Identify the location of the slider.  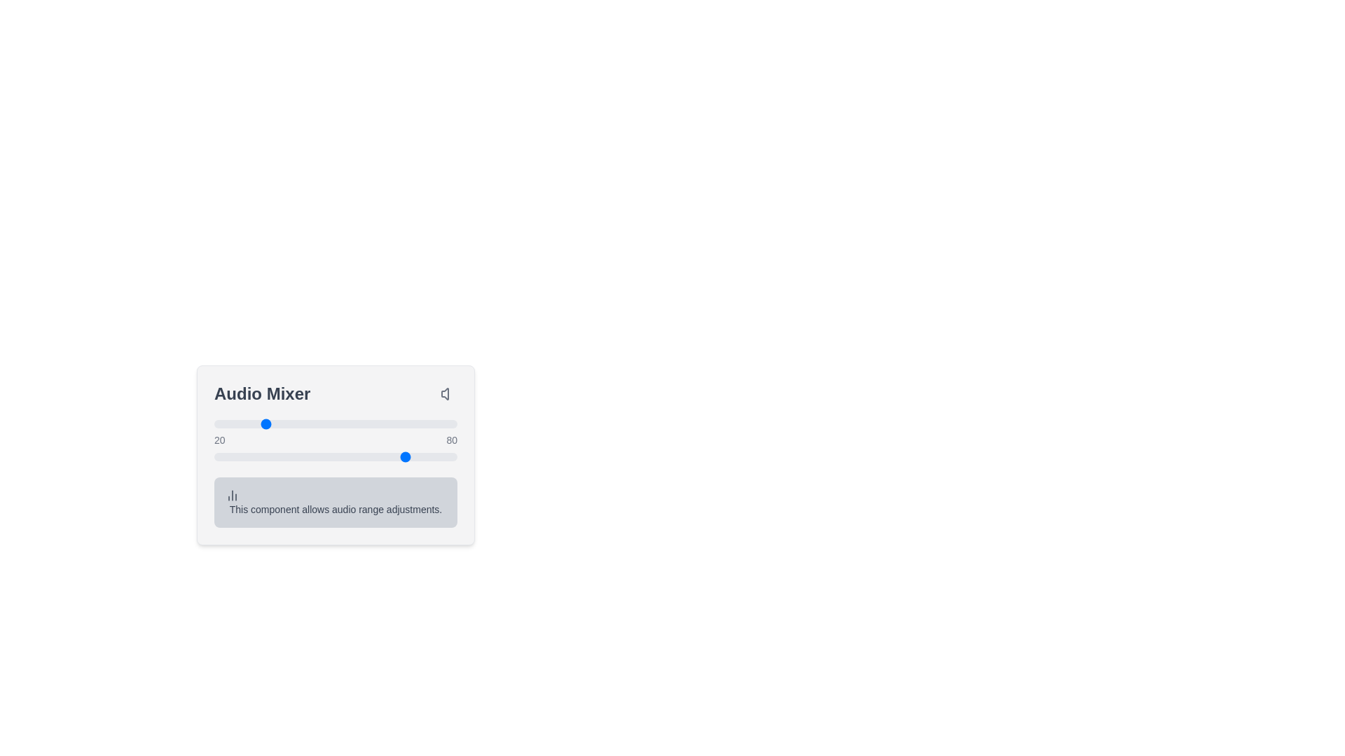
(273, 423).